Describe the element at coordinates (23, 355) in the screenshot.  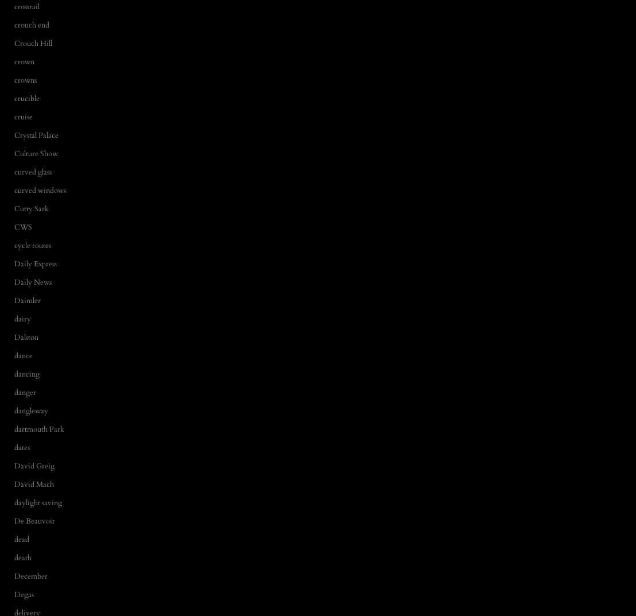
I see `'dance'` at that location.